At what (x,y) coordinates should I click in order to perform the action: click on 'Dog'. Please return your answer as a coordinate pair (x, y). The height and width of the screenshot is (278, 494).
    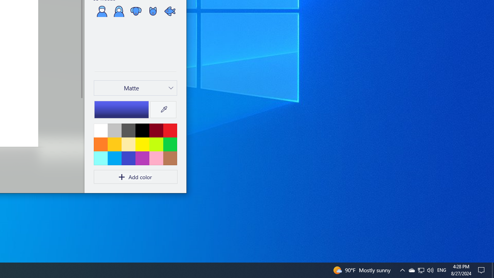
    Looking at the image, I should click on (136, 11).